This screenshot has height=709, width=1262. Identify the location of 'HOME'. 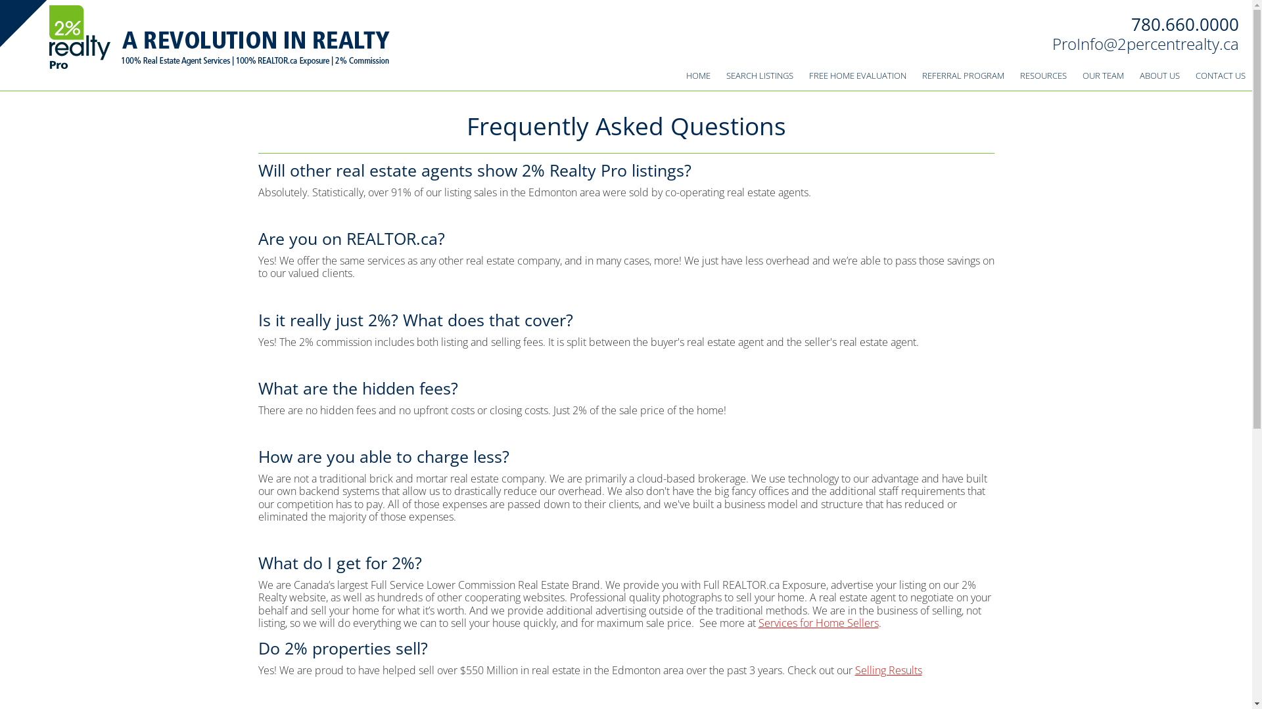
(679, 75).